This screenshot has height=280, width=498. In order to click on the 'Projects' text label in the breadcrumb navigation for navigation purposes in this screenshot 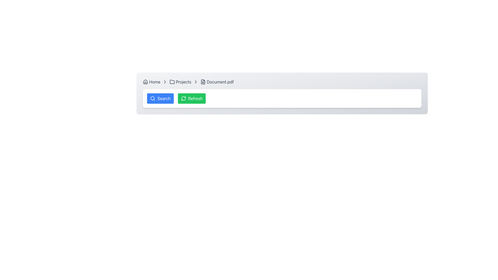, I will do `click(183, 82)`.